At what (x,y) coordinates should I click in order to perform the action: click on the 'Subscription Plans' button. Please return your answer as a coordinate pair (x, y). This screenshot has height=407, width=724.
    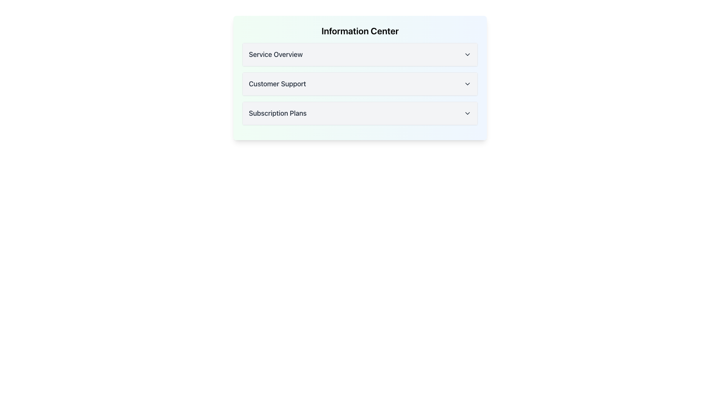
    Looking at the image, I should click on (360, 113).